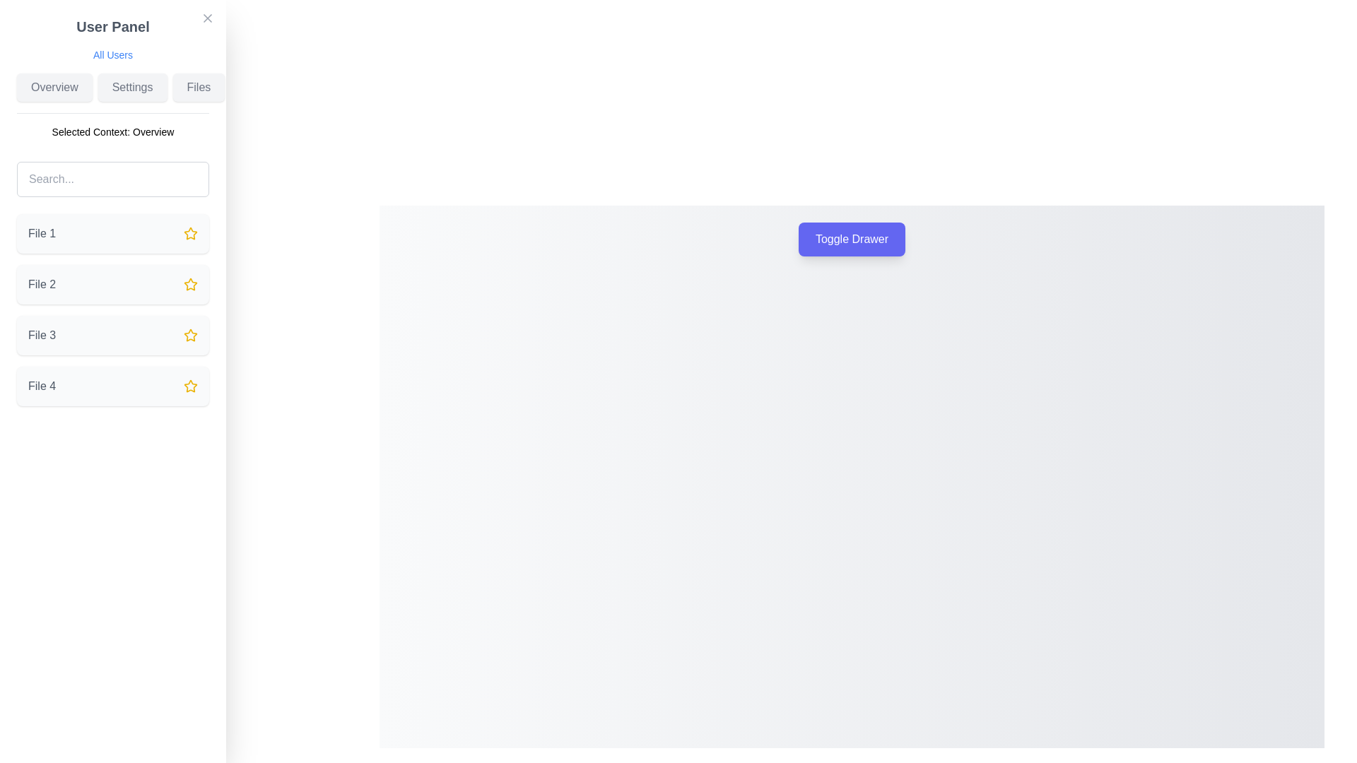  Describe the element at coordinates (42, 335) in the screenshot. I see `the 'File 3' text label in the third row of the vertical list within the side panel` at that location.